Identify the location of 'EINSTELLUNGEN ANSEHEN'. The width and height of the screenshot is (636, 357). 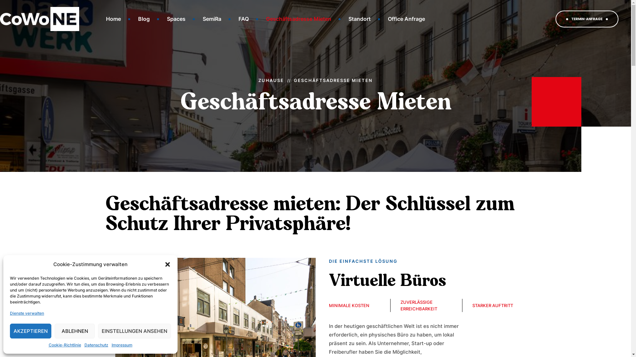
(134, 331).